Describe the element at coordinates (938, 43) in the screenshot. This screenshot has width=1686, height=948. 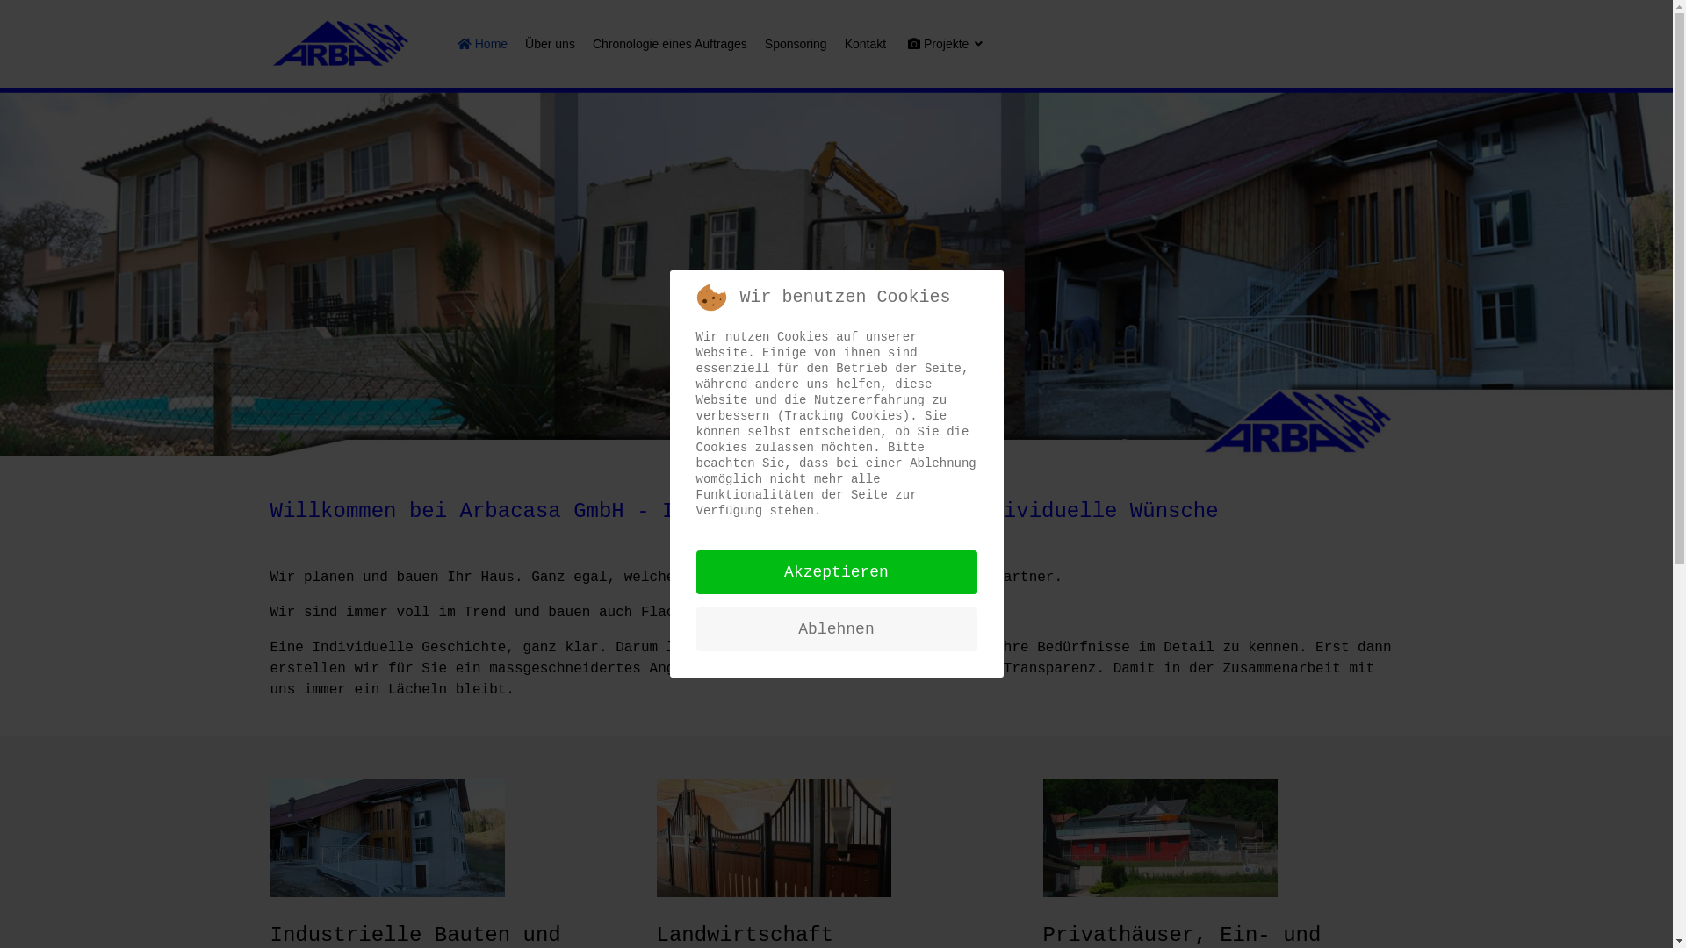
I see `'Projekte'` at that location.